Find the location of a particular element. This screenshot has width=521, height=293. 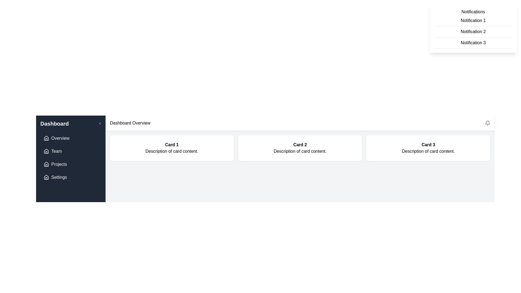

the static text label displaying 'Dashboard', which is located in the dark sidebar area on the left side of the interface is located at coordinates (55, 123).